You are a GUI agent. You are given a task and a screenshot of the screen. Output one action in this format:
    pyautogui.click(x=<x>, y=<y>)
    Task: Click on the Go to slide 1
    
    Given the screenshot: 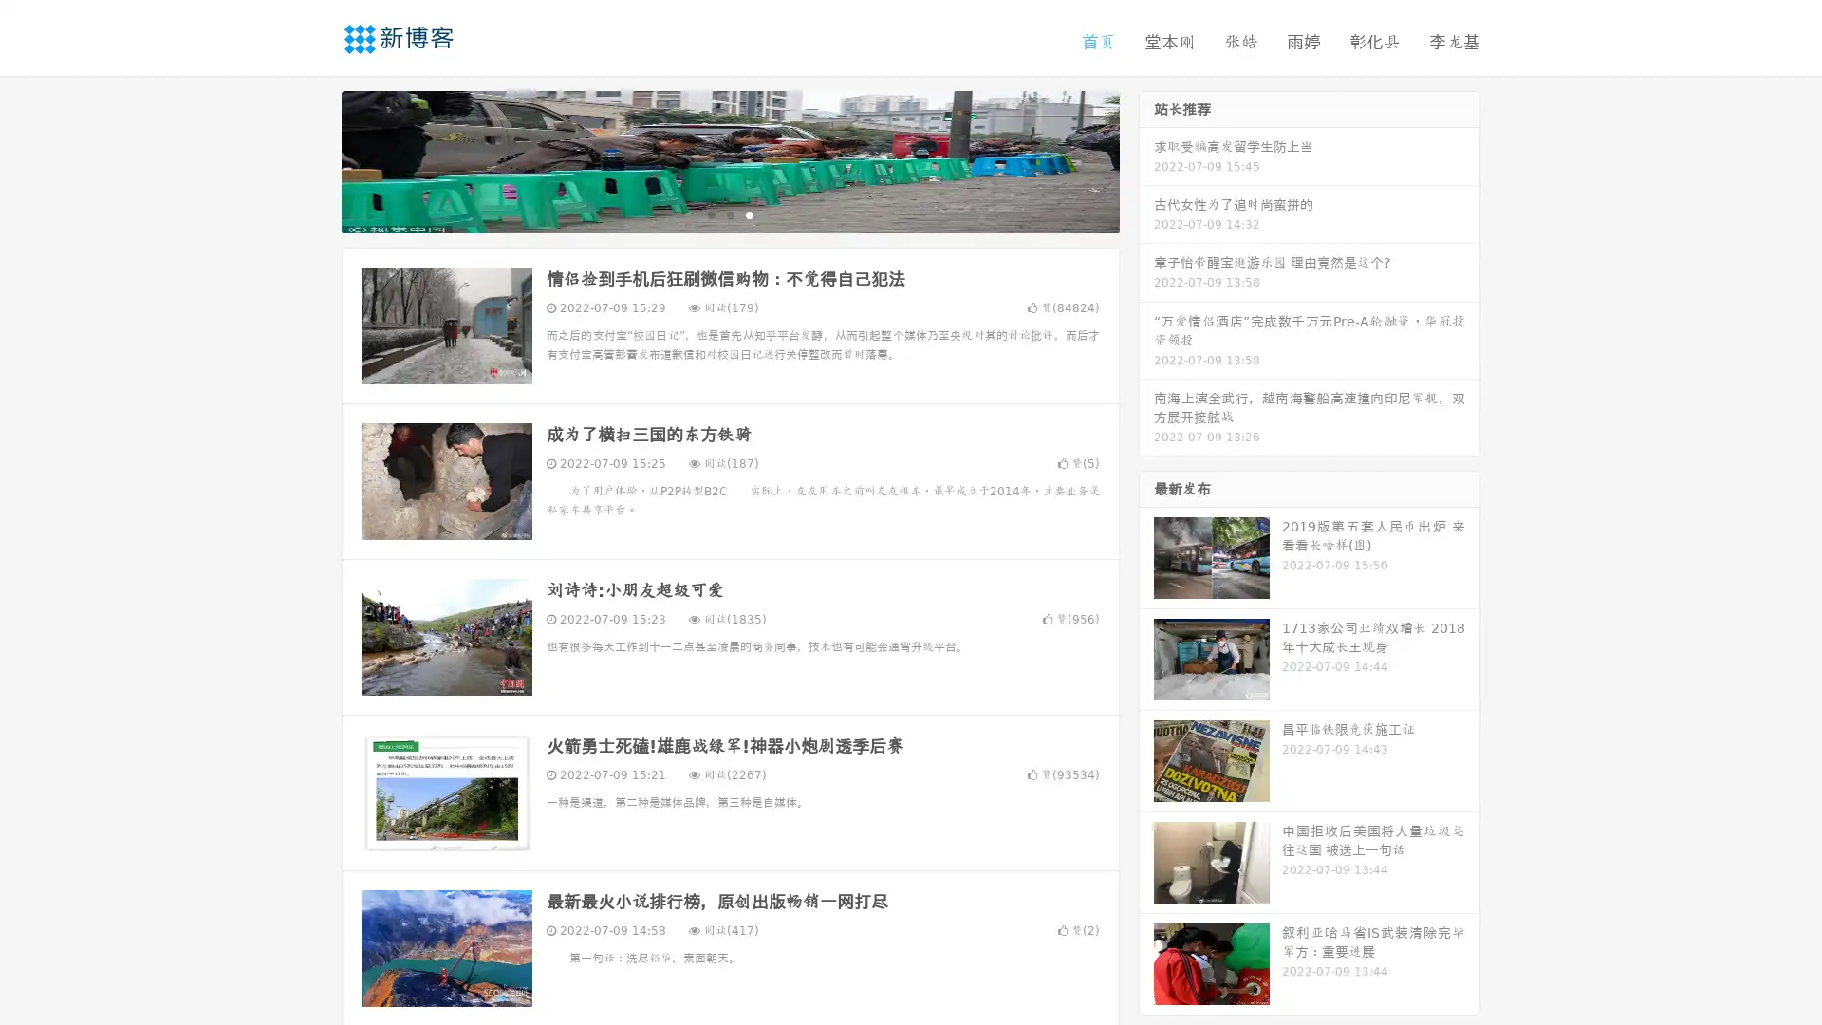 What is the action you would take?
    pyautogui.click(x=710, y=214)
    